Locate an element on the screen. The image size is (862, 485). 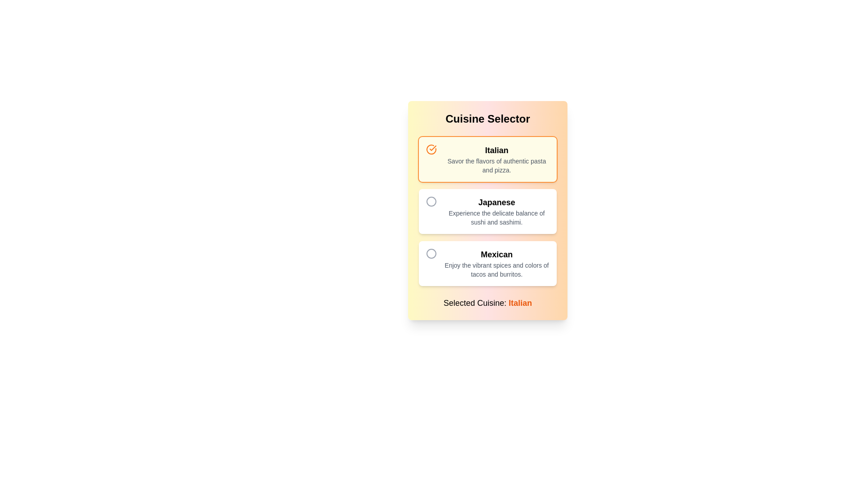
assistive tools is located at coordinates (496, 211).